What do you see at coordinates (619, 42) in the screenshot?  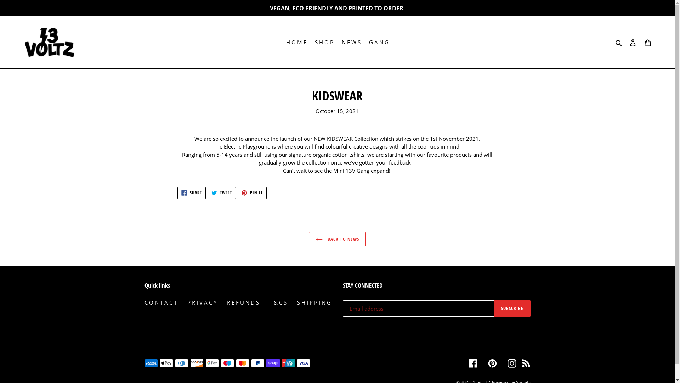 I see `'Search'` at bounding box center [619, 42].